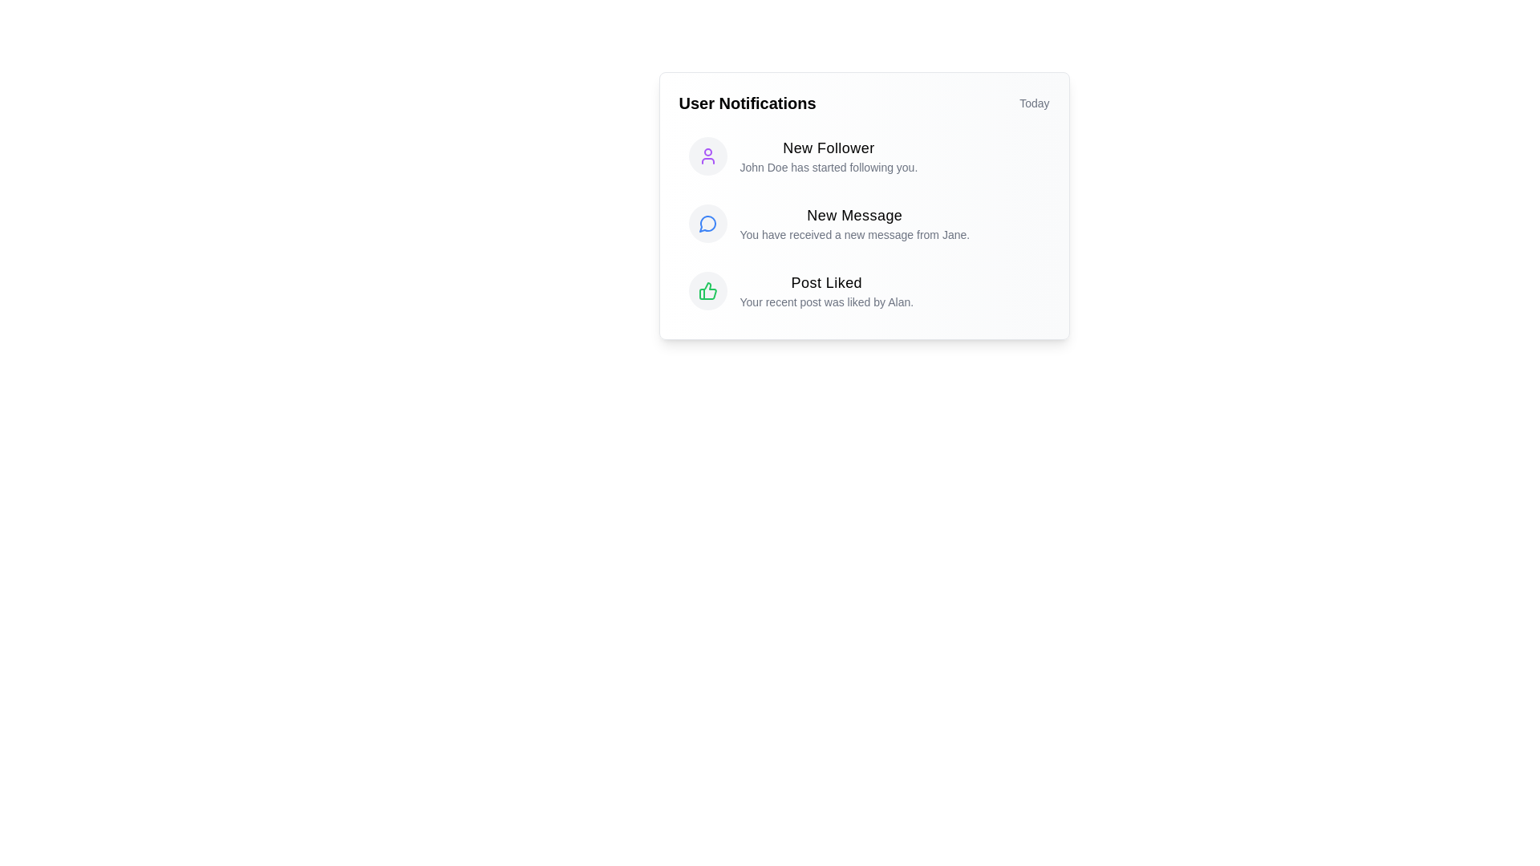 This screenshot has height=866, width=1540. Describe the element at coordinates (853, 215) in the screenshot. I see `the text label displaying 'New Message'` at that location.